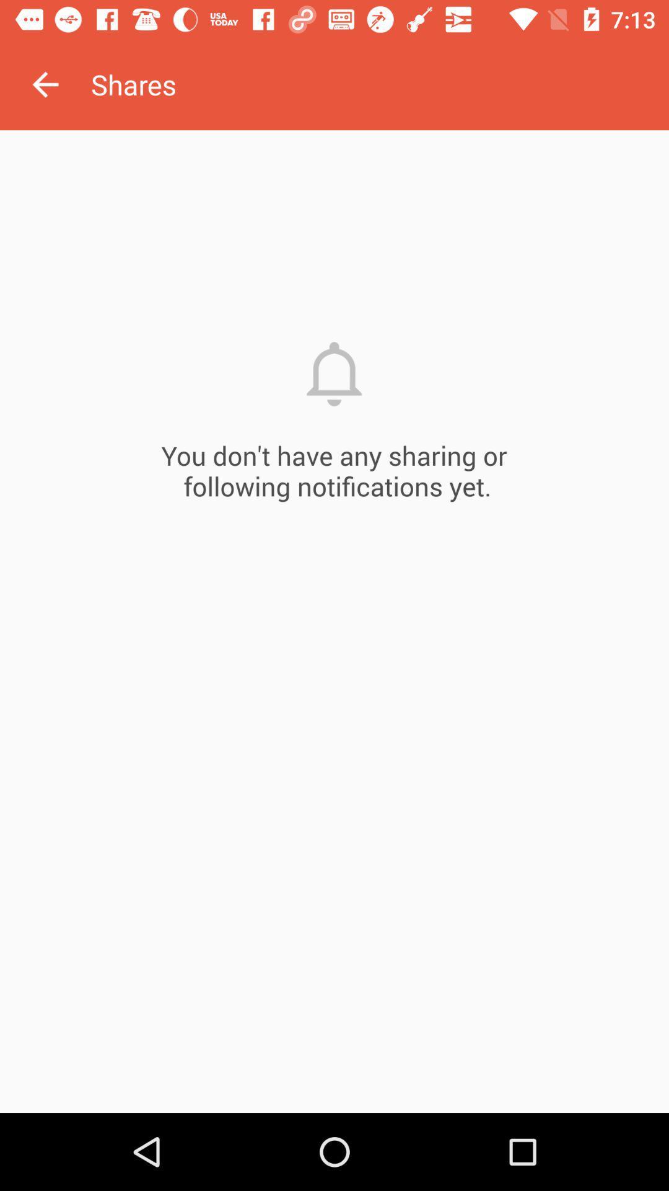  I want to click on the icon at the top left corner, so click(45, 84).